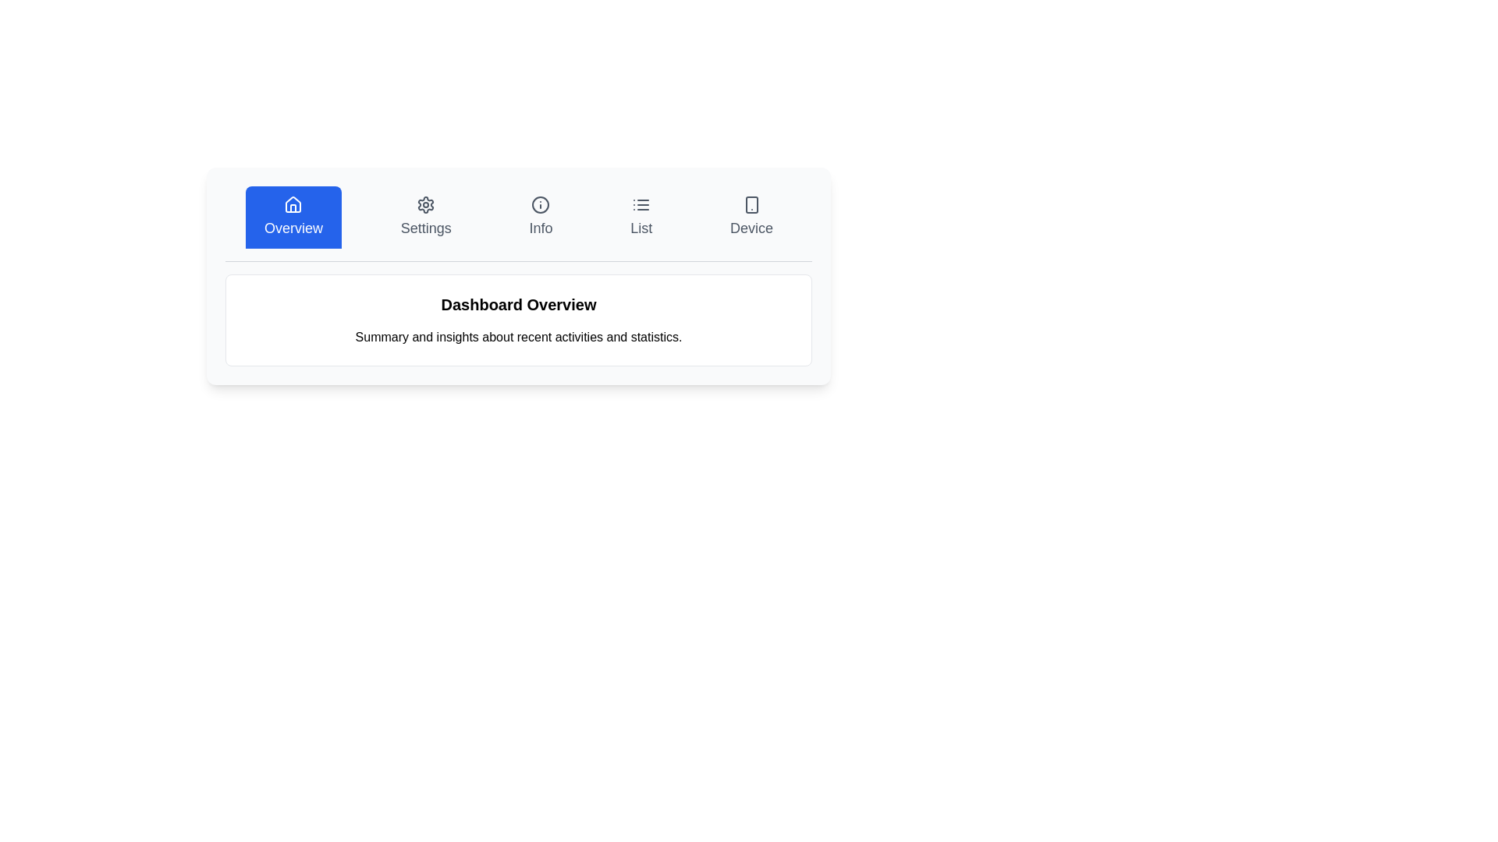 This screenshot has height=842, width=1498. Describe the element at coordinates (426, 217) in the screenshot. I see `the 'Settings' button located in the top-center of the interface, which is part of a horizontal navigation bar and is the second option from the left` at that location.